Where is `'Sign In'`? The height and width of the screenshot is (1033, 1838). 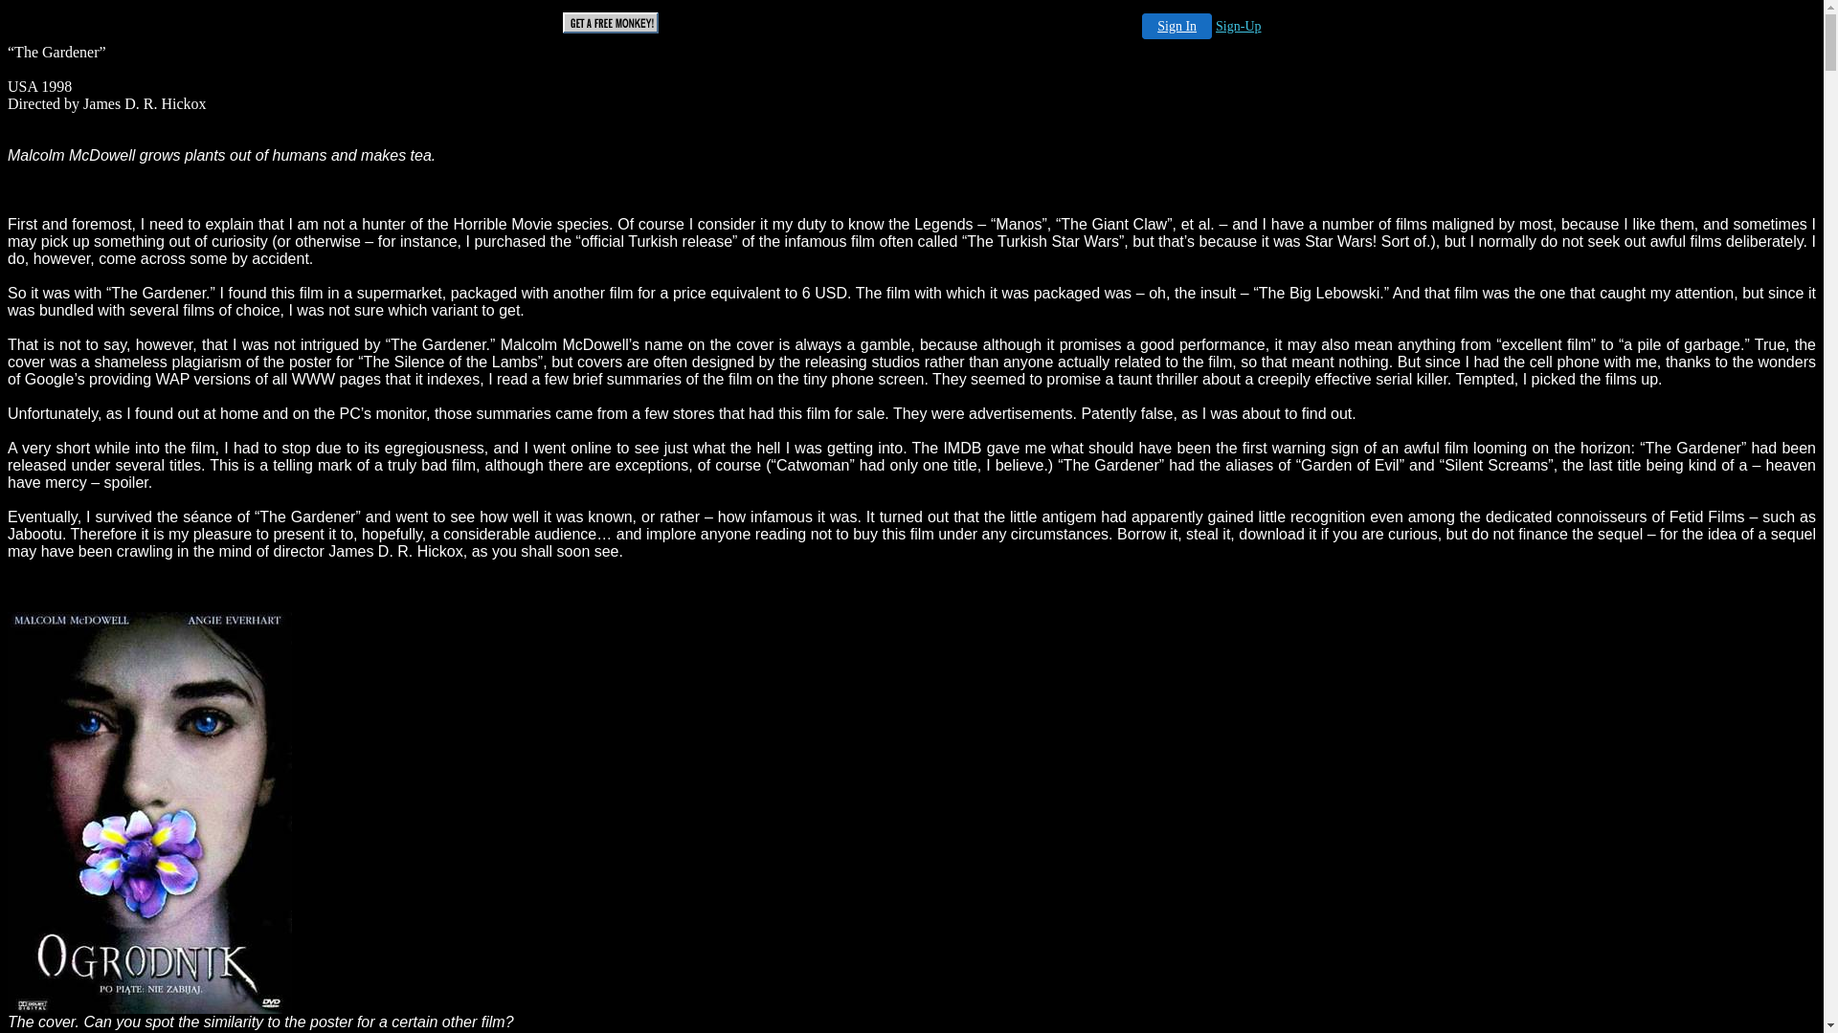
'Sign In' is located at coordinates (1176, 26).